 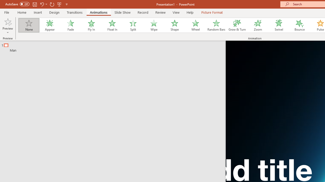 I want to click on 'Appear', so click(x=50, y=25).